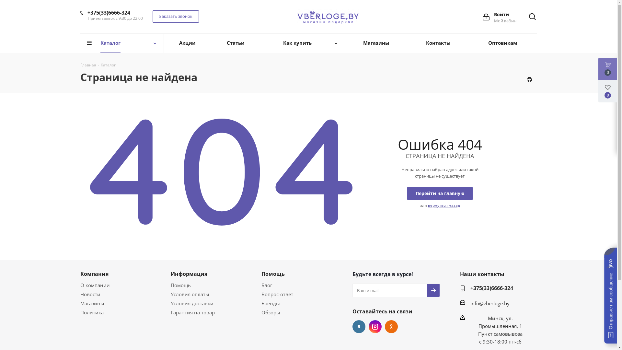 The width and height of the screenshot is (622, 350). I want to click on 'info@vberloge.by', so click(490, 303).